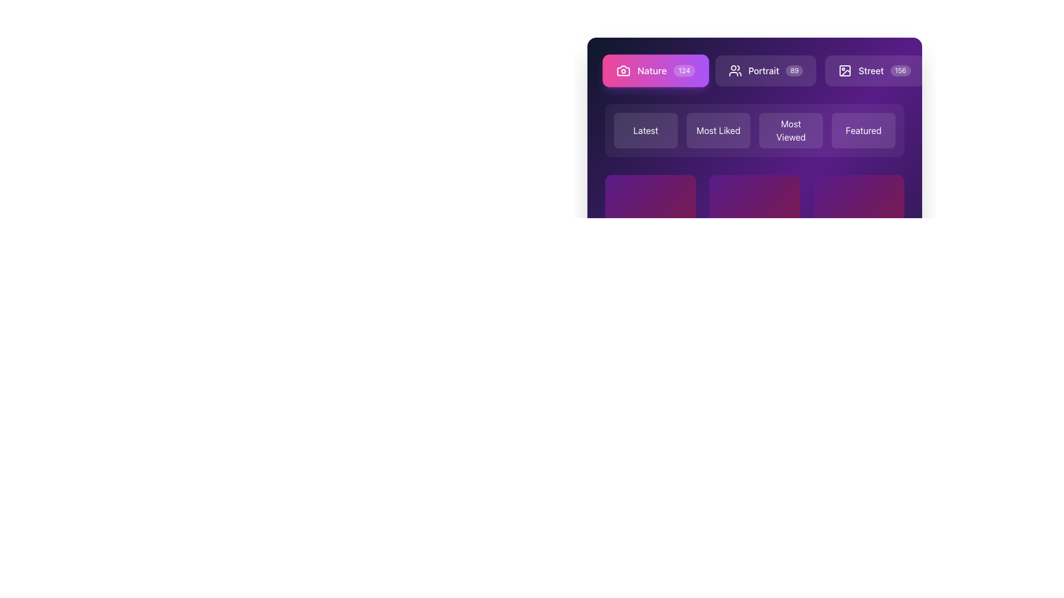 The image size is (1064, 598). I want to click on the decorative icon representing the 'Street' category located within the interactive button labeled 'Street', so click(845, 70).